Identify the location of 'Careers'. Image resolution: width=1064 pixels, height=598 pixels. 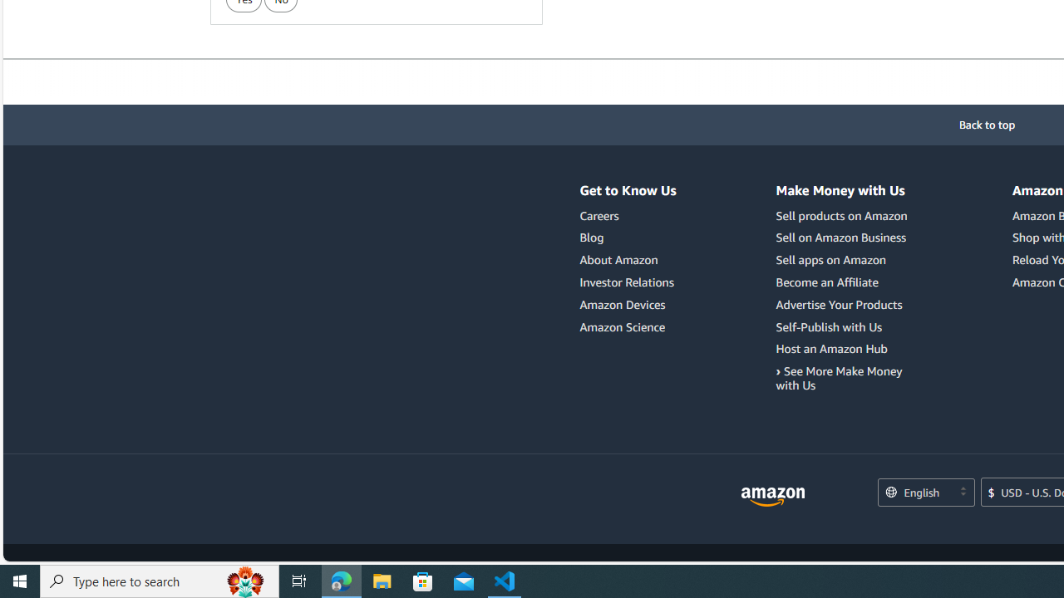
(627, 215).